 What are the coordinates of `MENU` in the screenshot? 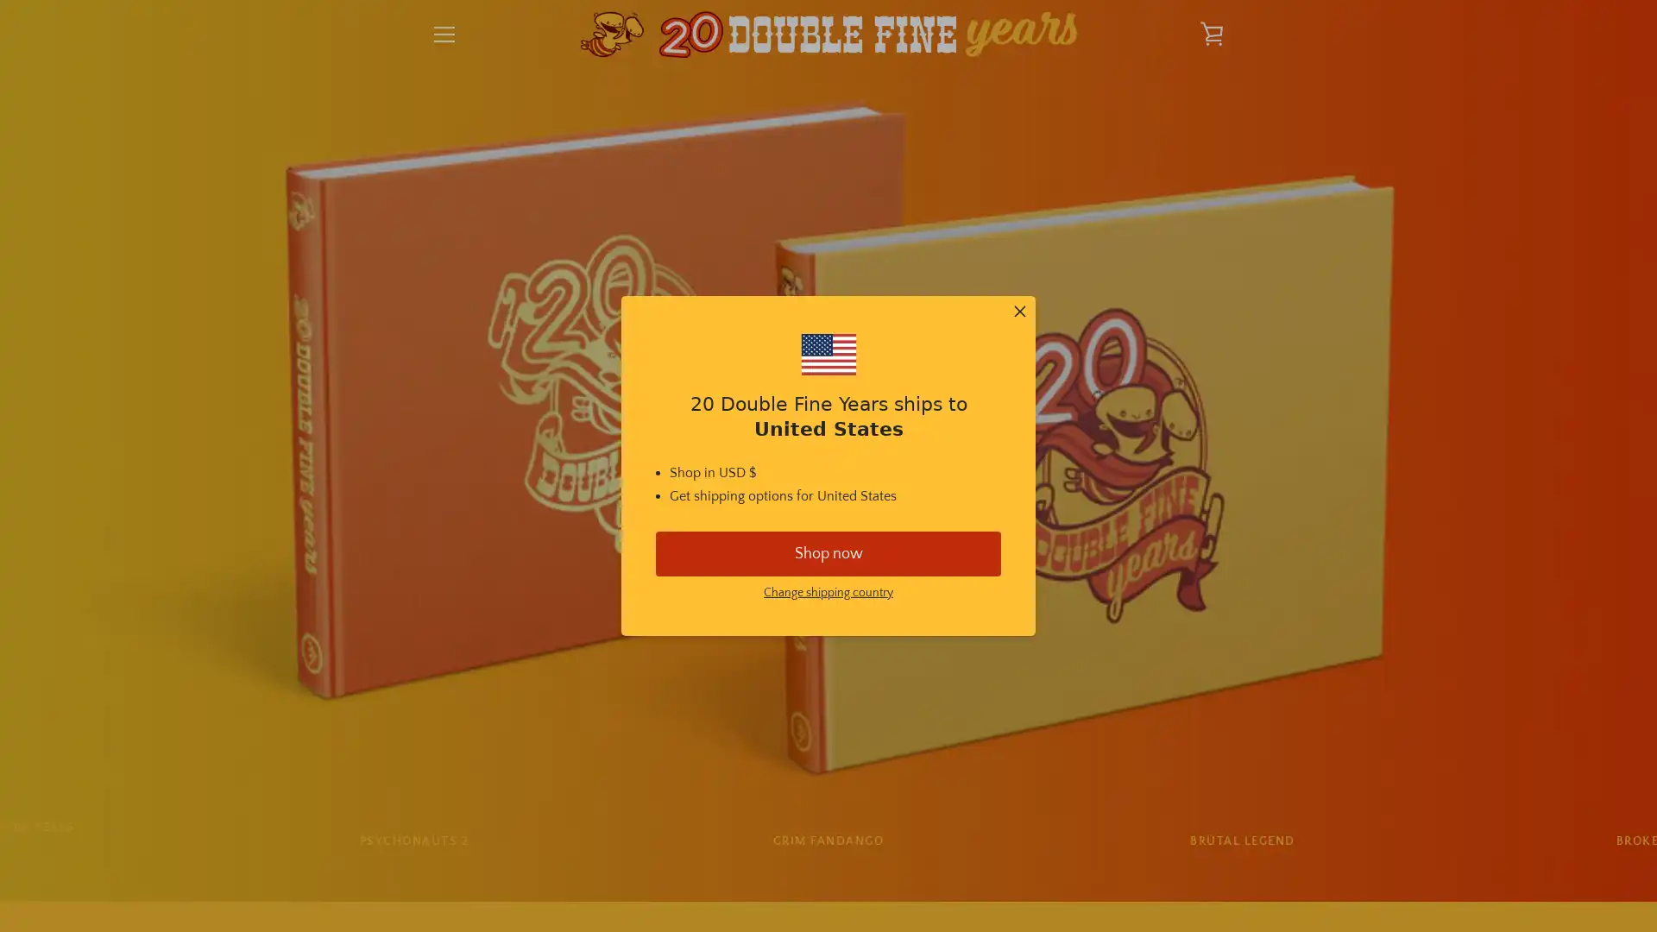 It's located at (444, 34).